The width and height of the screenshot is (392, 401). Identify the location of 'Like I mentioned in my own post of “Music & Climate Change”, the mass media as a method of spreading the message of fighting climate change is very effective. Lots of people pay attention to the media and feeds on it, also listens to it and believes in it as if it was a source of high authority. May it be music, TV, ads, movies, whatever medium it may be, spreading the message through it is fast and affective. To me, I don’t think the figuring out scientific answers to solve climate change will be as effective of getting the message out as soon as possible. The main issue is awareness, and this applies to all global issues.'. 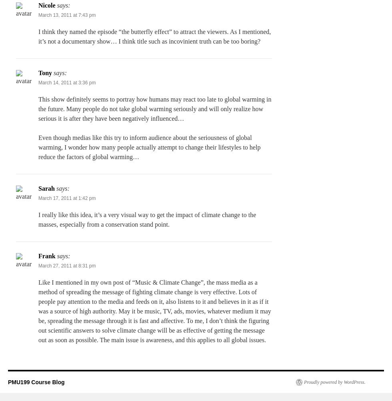
(154, 311).